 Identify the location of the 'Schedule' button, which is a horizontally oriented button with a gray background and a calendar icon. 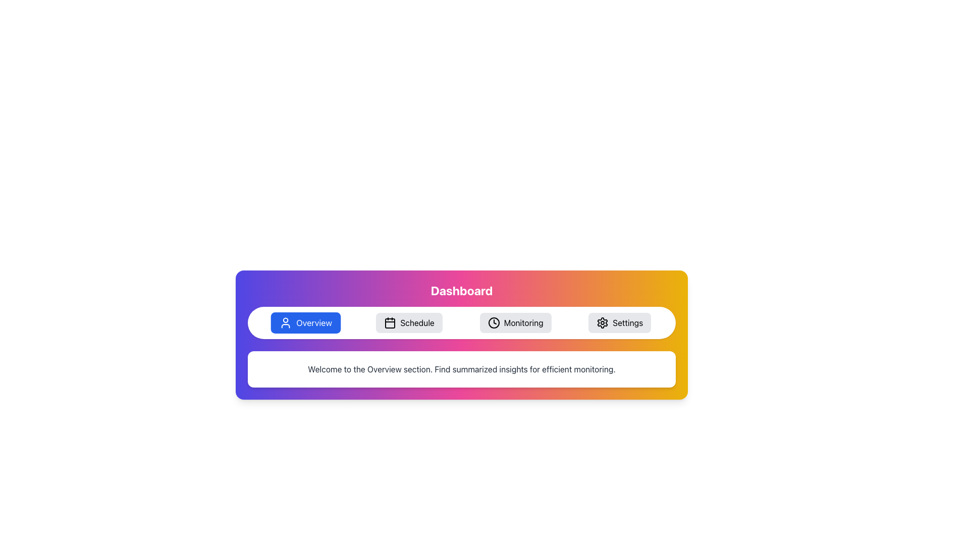
(409, 323).